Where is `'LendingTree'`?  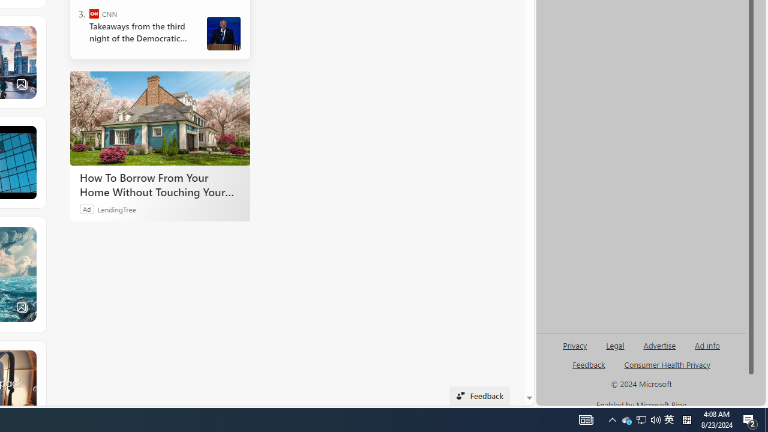 'LendingTree' is located at coordinates (117, 208).